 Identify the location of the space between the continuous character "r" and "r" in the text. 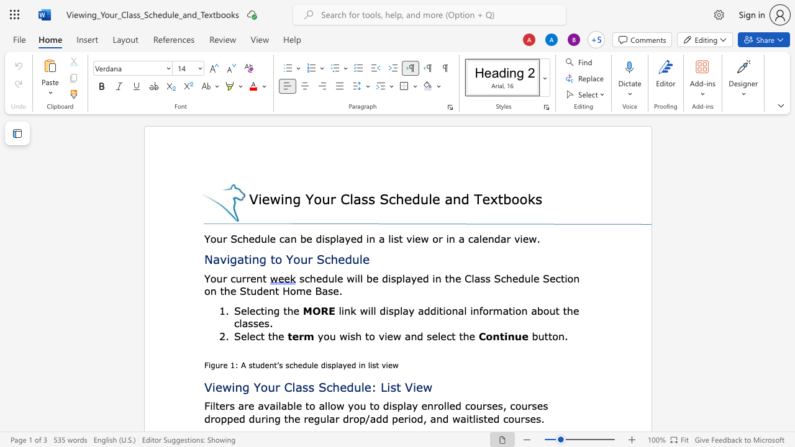
(246, 278).